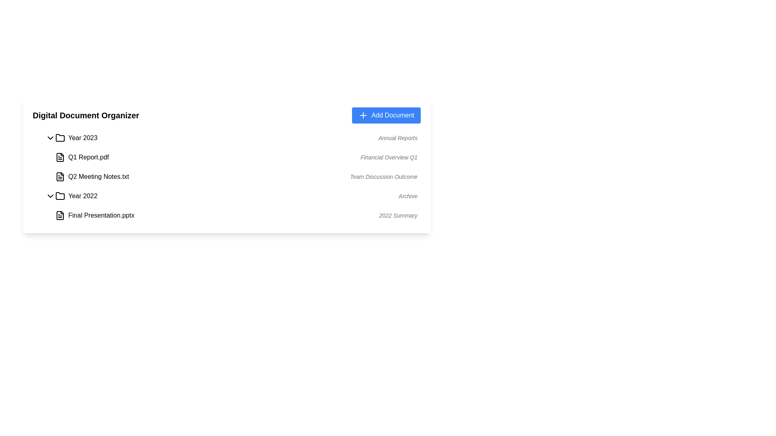  What do you see at coordinates (98, 176) in the screenshot?
I see `the file label text located below 'Q1 Report.pdf' and above 'Team Discussion Outcome' in the expanded section of 'Year 2023' in the document organizer to gain information about its content` at bounding box center [98, 176].